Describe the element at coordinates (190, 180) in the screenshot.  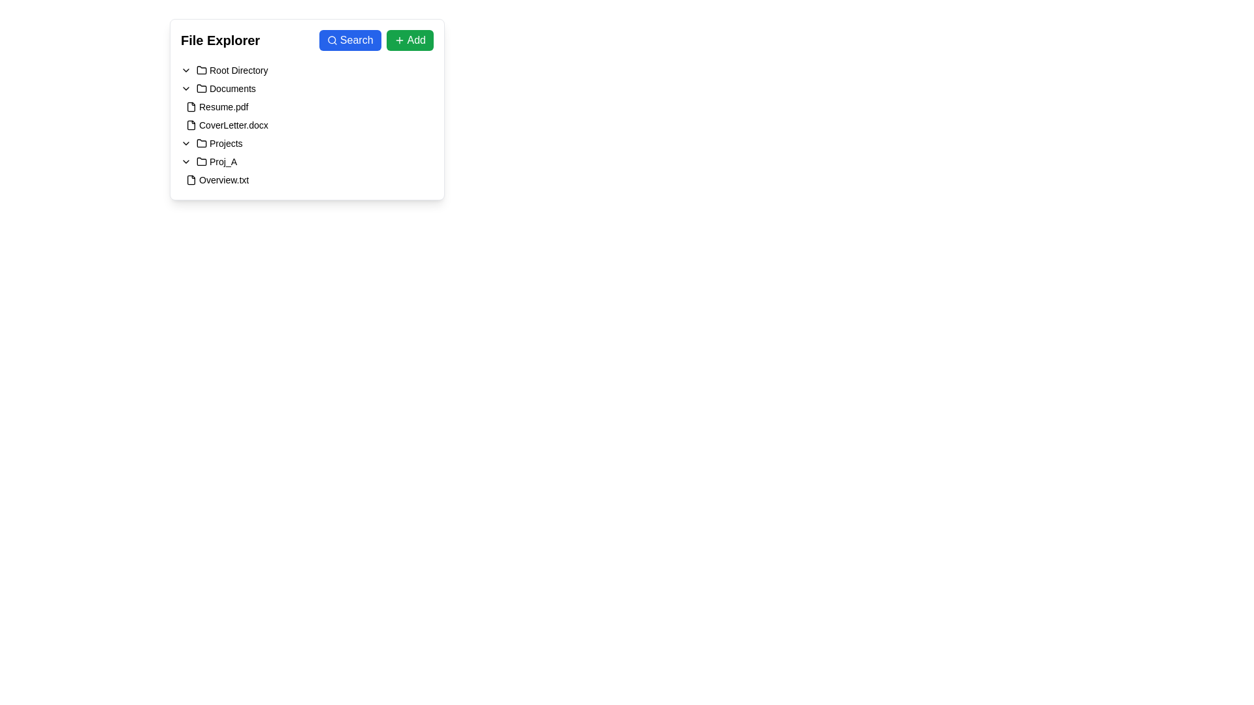
I see `the file icon that resembles a document with a folded corner, located to the left of the text 'Overview.txt' in the file hierarchy under the folder 'Proj_A'` at that location.